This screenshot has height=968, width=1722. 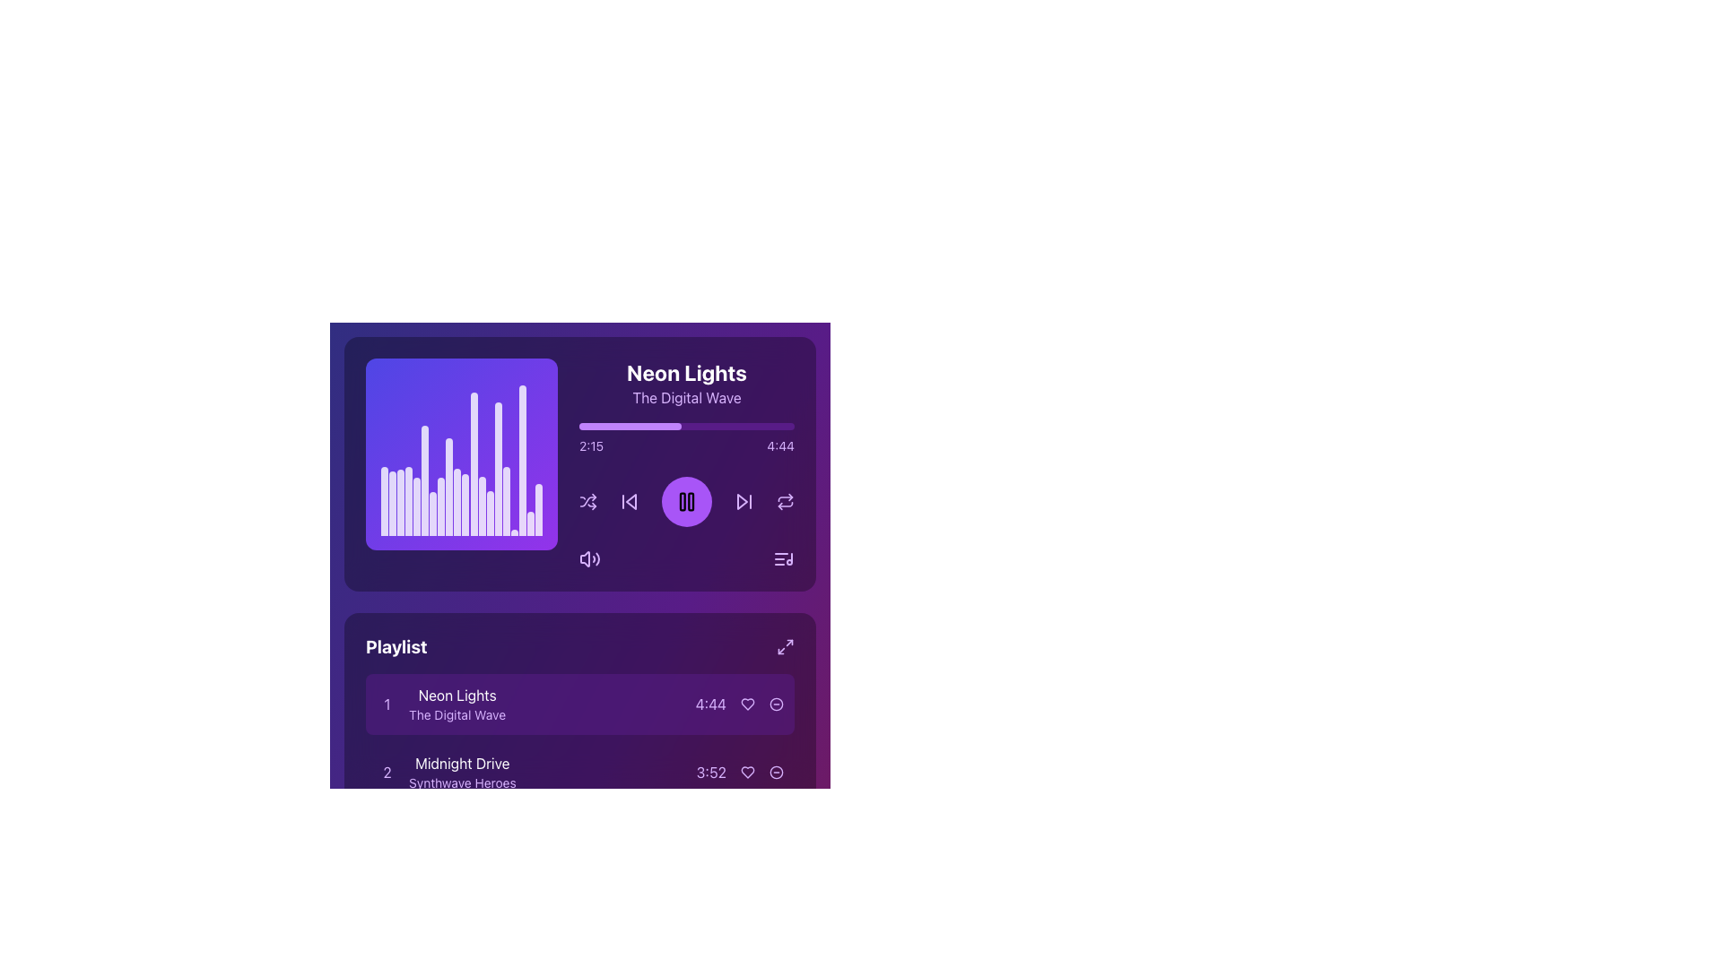 I want to click on the text label that serves as a sub-label or subtitle for 'Neon Lights', indicating further information about the song or item being displayed, so click(x=686, y=396).